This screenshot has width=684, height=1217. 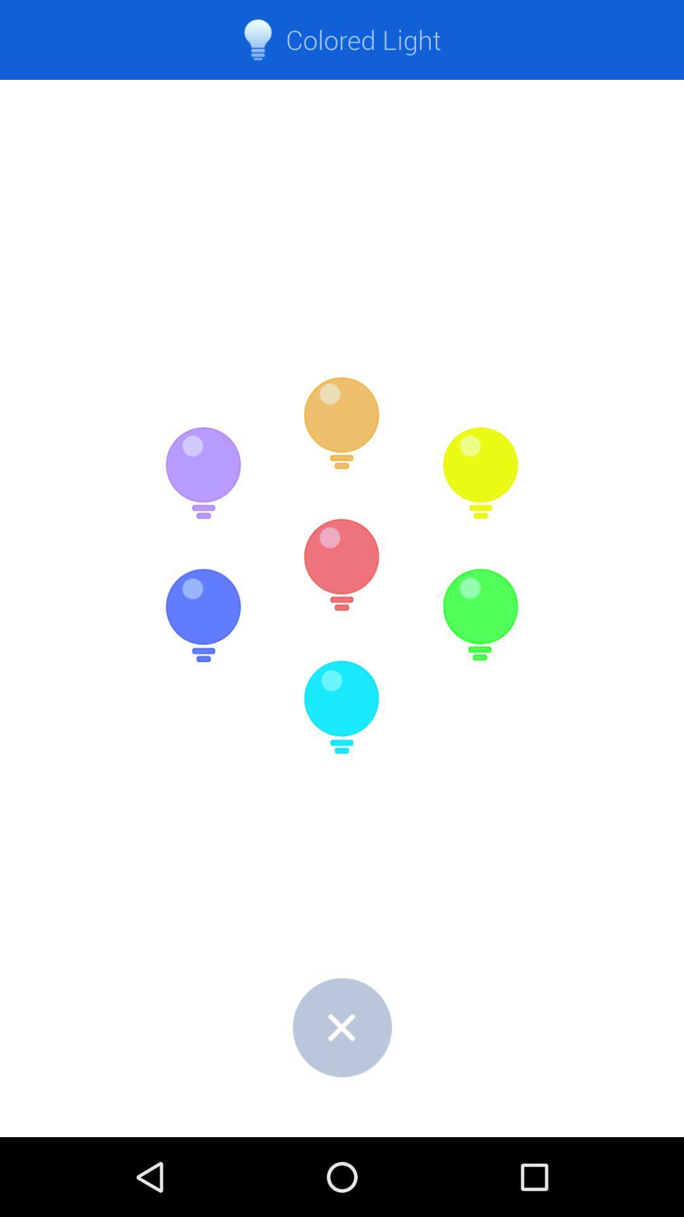 I want to click on the icon at the bottom, so click(x=342, y=1027).